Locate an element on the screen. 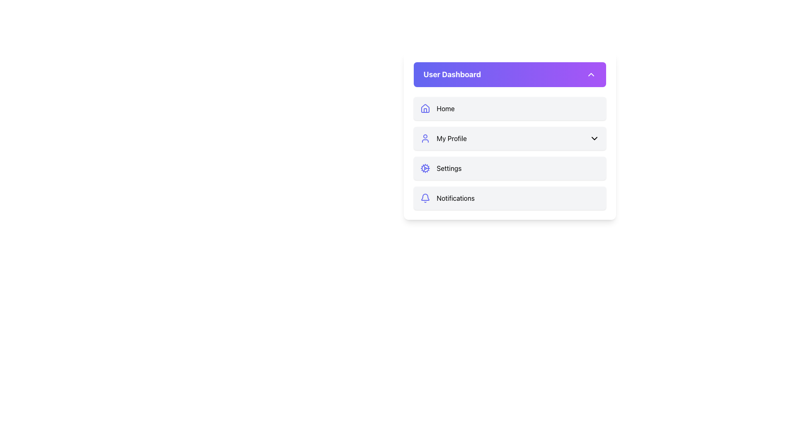  the home button in the User Dashboard menu is located at coordinates (509, 108).